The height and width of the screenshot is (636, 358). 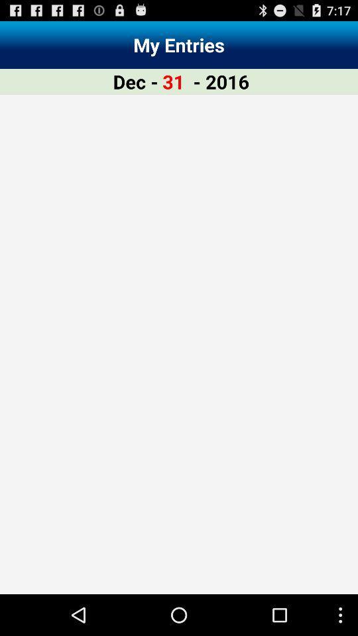 What do you see at coordinates (173, 81) in the screenshot?
I see `the icon next to - 2016 icon` at bounding box center [173, 81].